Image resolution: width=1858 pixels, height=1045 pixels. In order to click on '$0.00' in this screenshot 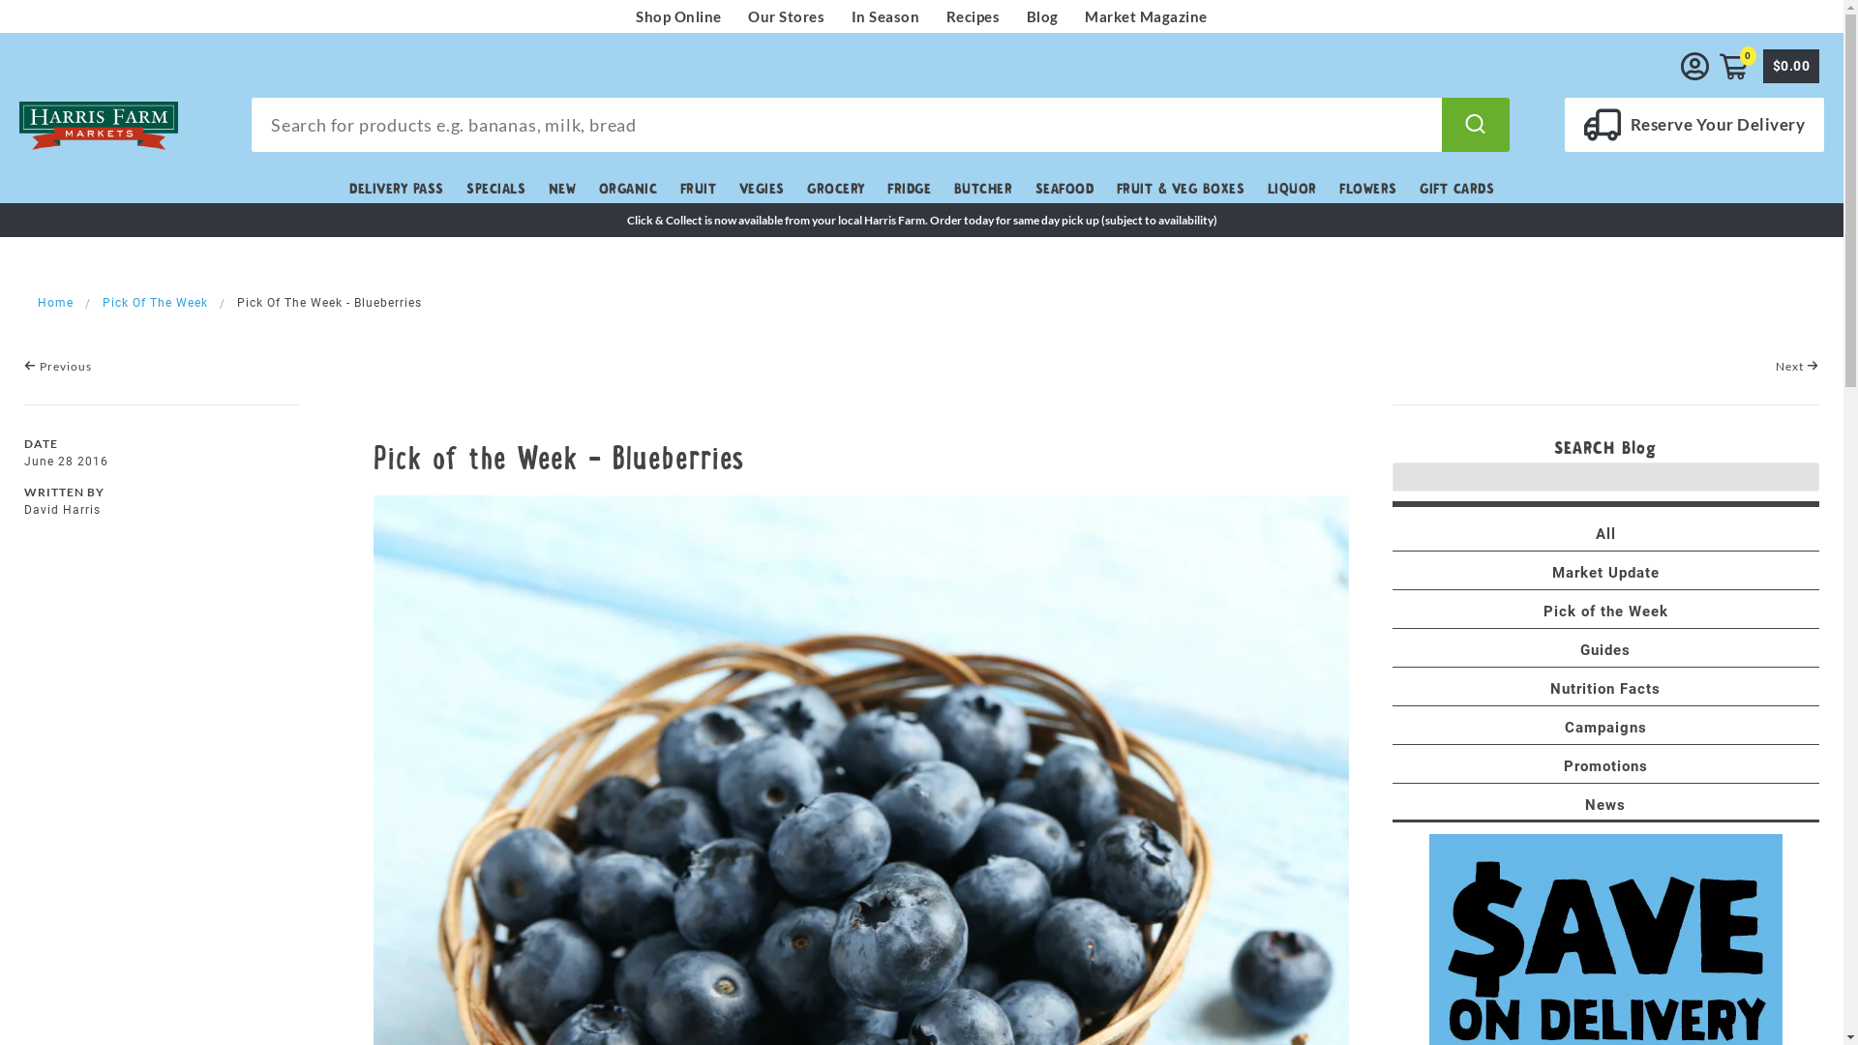, I will do `click(1789, 65)`.